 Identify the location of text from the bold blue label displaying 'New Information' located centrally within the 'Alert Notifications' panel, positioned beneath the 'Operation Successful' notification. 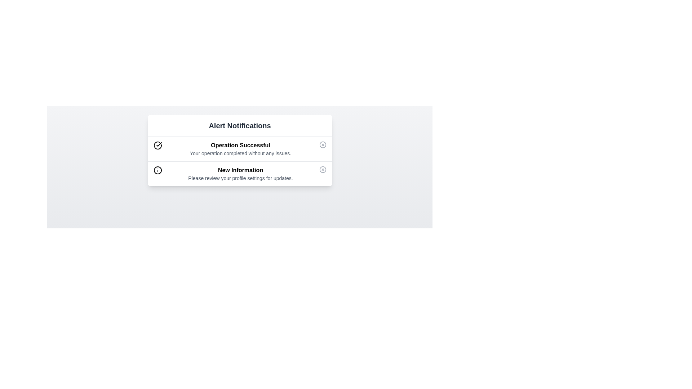
(240, 170).